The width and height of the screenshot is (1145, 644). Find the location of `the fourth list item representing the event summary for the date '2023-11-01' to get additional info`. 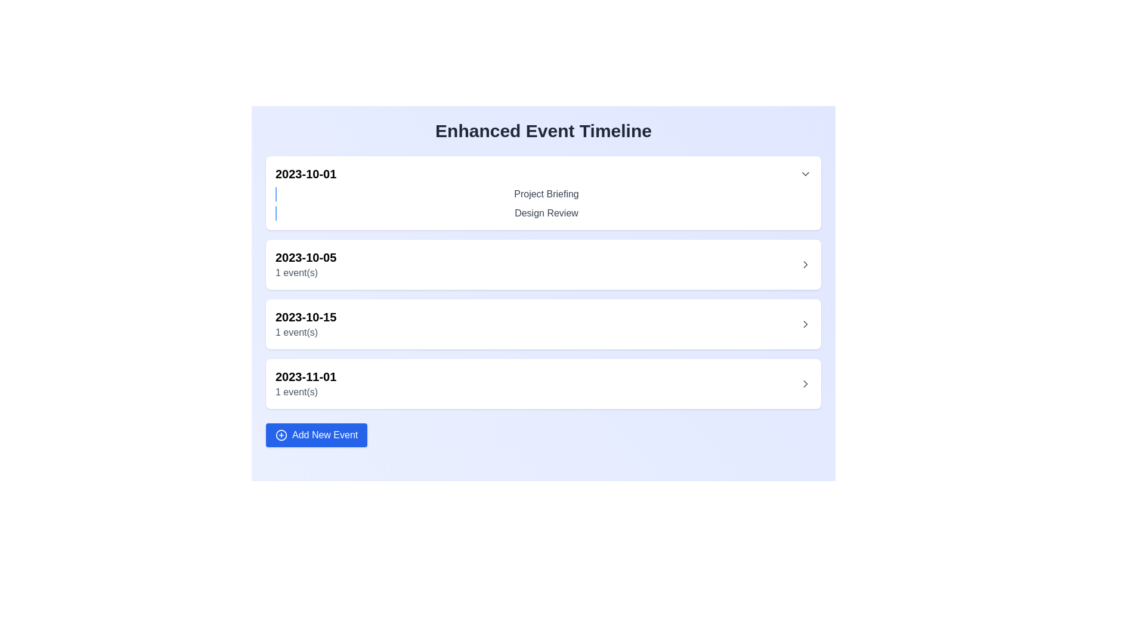

the fourth list item representing the event summary for the date '2023-11-01' to get additional info is located at coordinates (543, 384).